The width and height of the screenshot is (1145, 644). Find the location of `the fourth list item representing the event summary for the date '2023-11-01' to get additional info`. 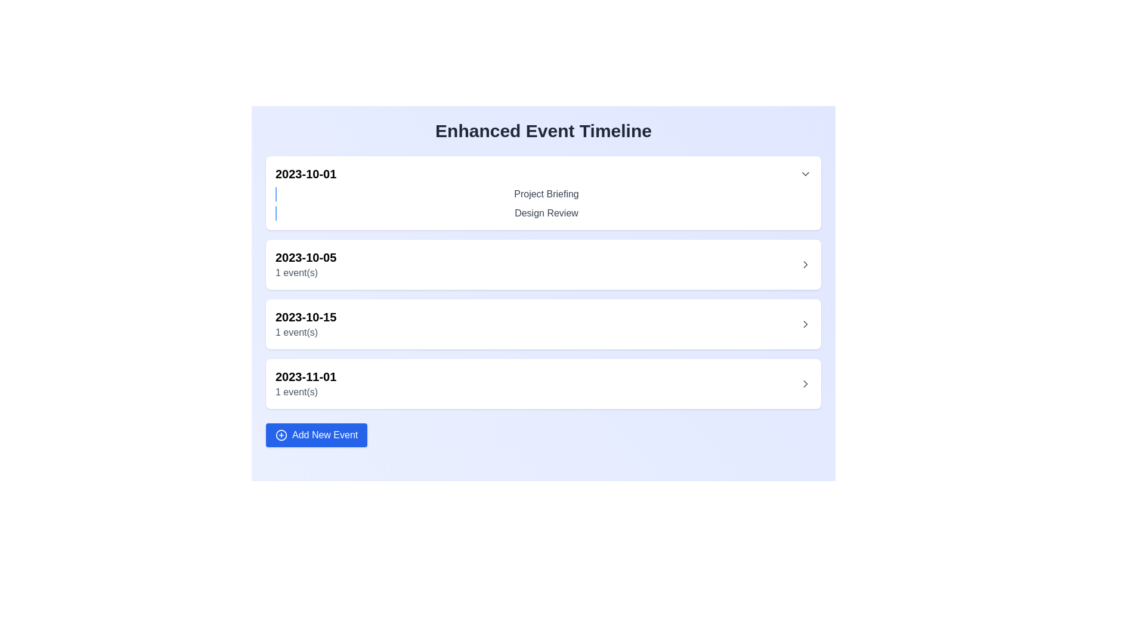

the fourth list item representing the event summary for the date '2023-11-01' to get additional info is located at coordinates (543, 384).